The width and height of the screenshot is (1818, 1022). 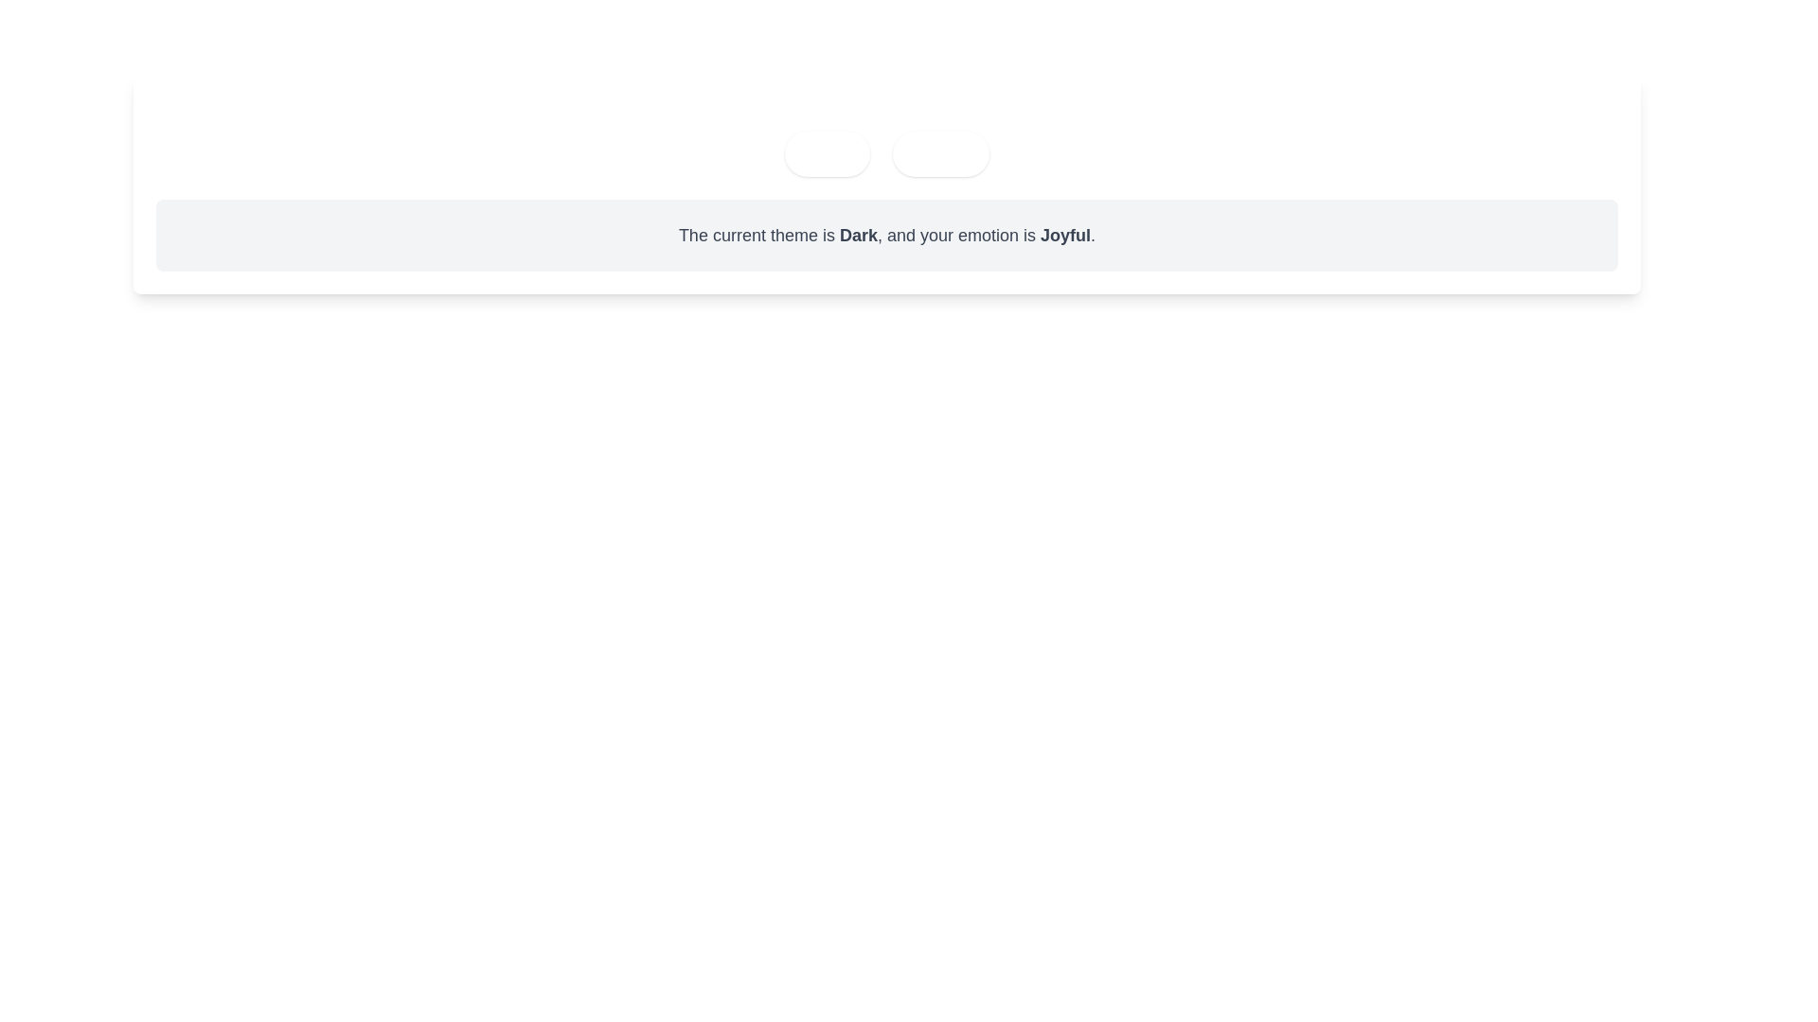 I want to click on the design of the smiley icon which is part of a green circular button labeled 'Happy', so click(x=915, y=152).